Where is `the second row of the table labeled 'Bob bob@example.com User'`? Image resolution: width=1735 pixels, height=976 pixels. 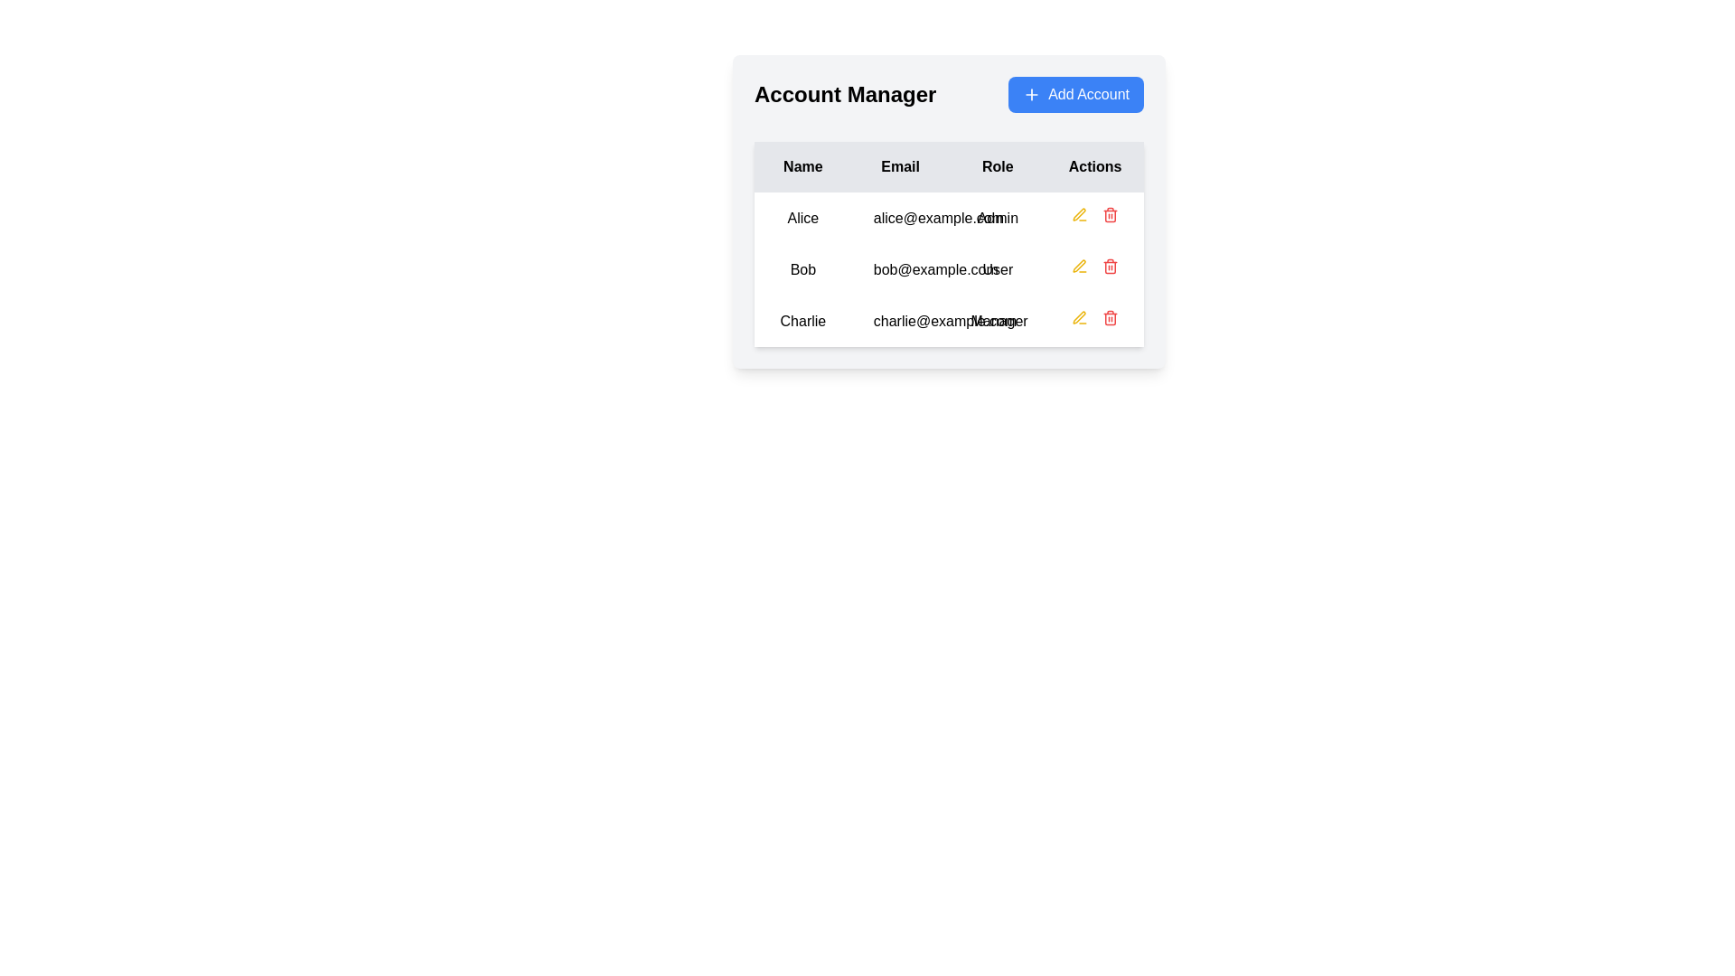
the second row of the table labeled 'Bob bob@example.com User' is located at coordinates (948, 269).